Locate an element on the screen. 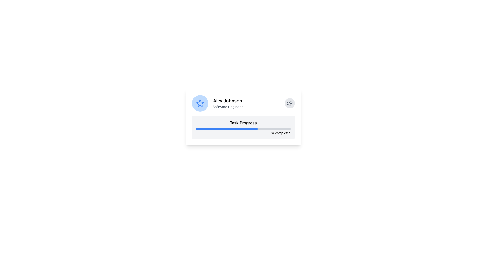 This screenshot has height=277, width=494. the star-shaped icon with a blue outline located in the top-left corner of the component card that contains the user name, title, and progress bar is located at coordinates (200, 103).